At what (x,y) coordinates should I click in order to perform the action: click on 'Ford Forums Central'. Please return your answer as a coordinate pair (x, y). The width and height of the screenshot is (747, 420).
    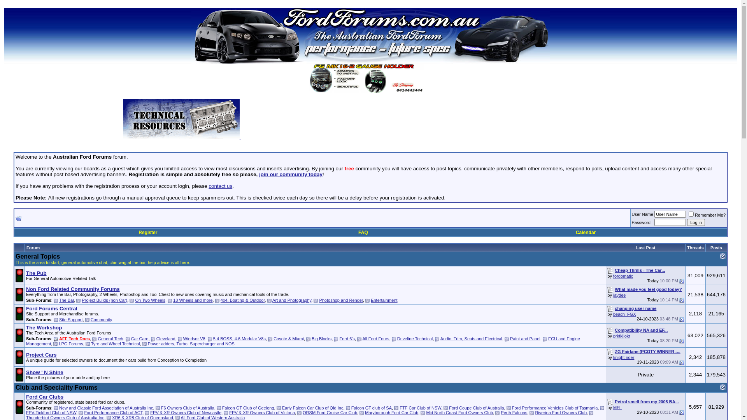
    Looking at the image, I should click on (26, 308).